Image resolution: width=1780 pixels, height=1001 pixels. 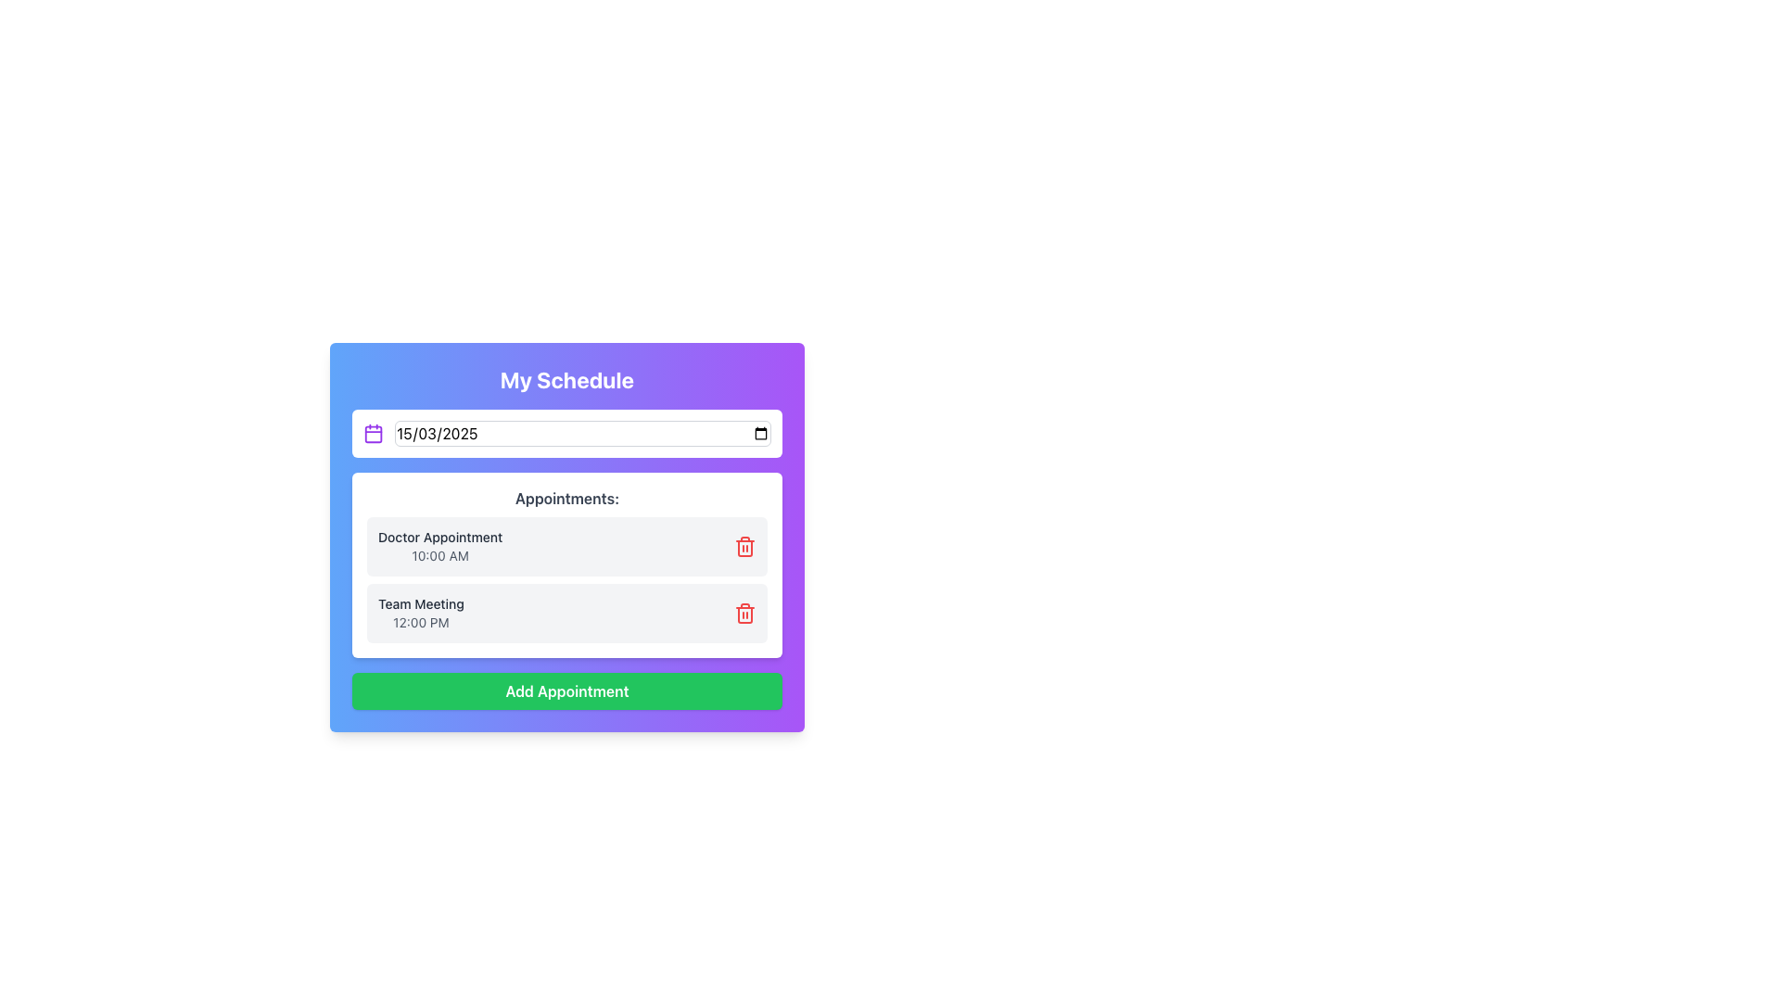 I want to click on the text label displaying the appointment title located in the 'Appointments' section, above the time label '10:00 AM', so click(x=439, y=537).